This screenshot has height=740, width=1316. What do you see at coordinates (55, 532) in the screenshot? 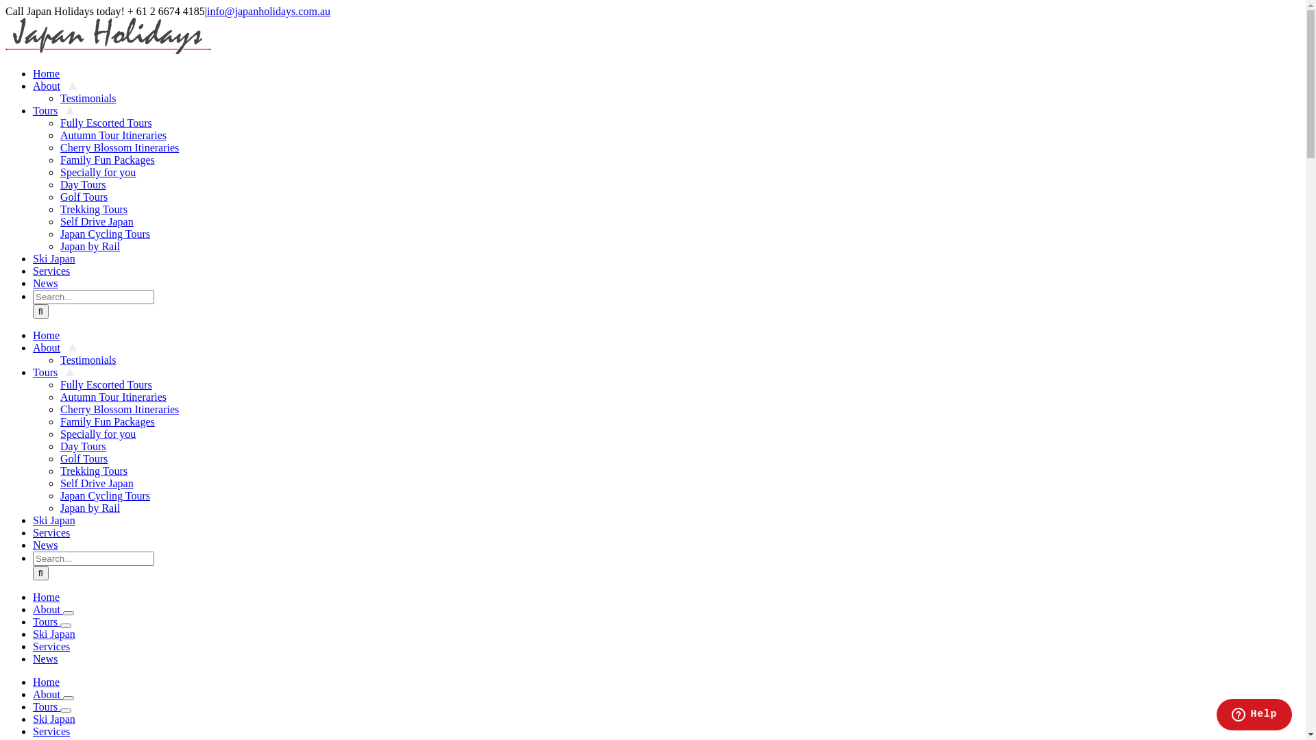
I see `'Services'` at bounding box center [55, 532].